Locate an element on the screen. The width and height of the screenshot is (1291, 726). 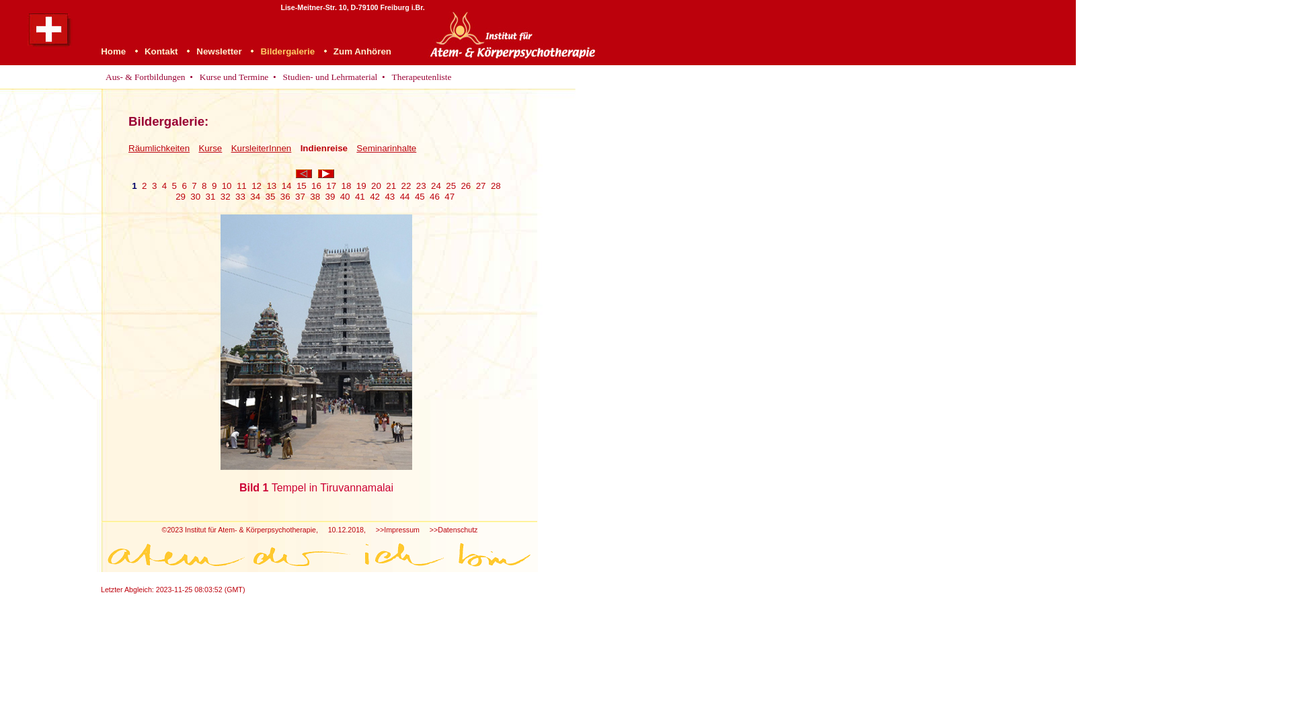
'47' is located at coordinates (449, 196).